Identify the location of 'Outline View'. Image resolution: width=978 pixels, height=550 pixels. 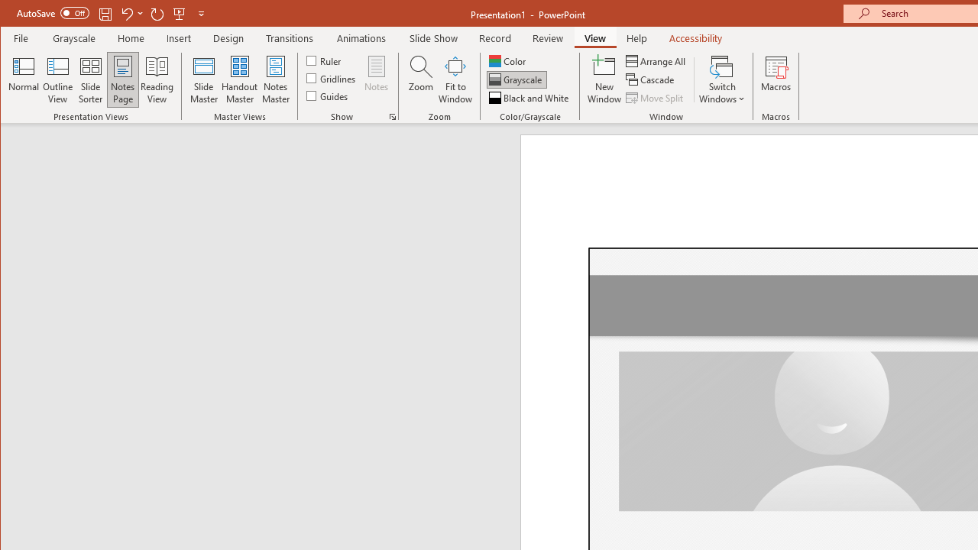
(58, 79).